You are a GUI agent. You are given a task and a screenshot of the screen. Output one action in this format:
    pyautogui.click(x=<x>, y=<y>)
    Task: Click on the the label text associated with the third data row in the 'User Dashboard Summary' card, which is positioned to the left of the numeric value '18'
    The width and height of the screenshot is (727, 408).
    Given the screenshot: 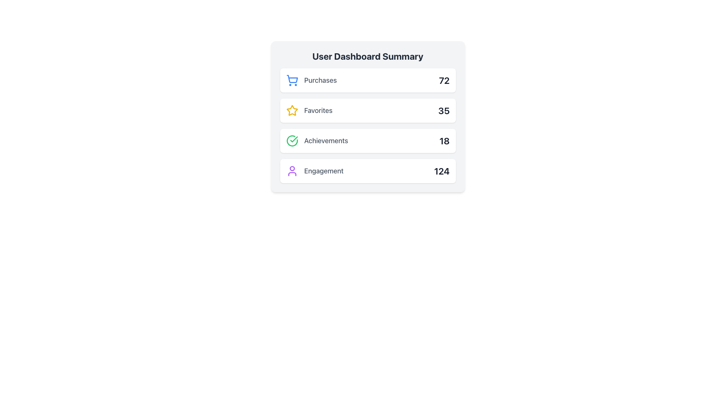 What is the action you would take?
    pyautogui.click(x=326, y=141)
    